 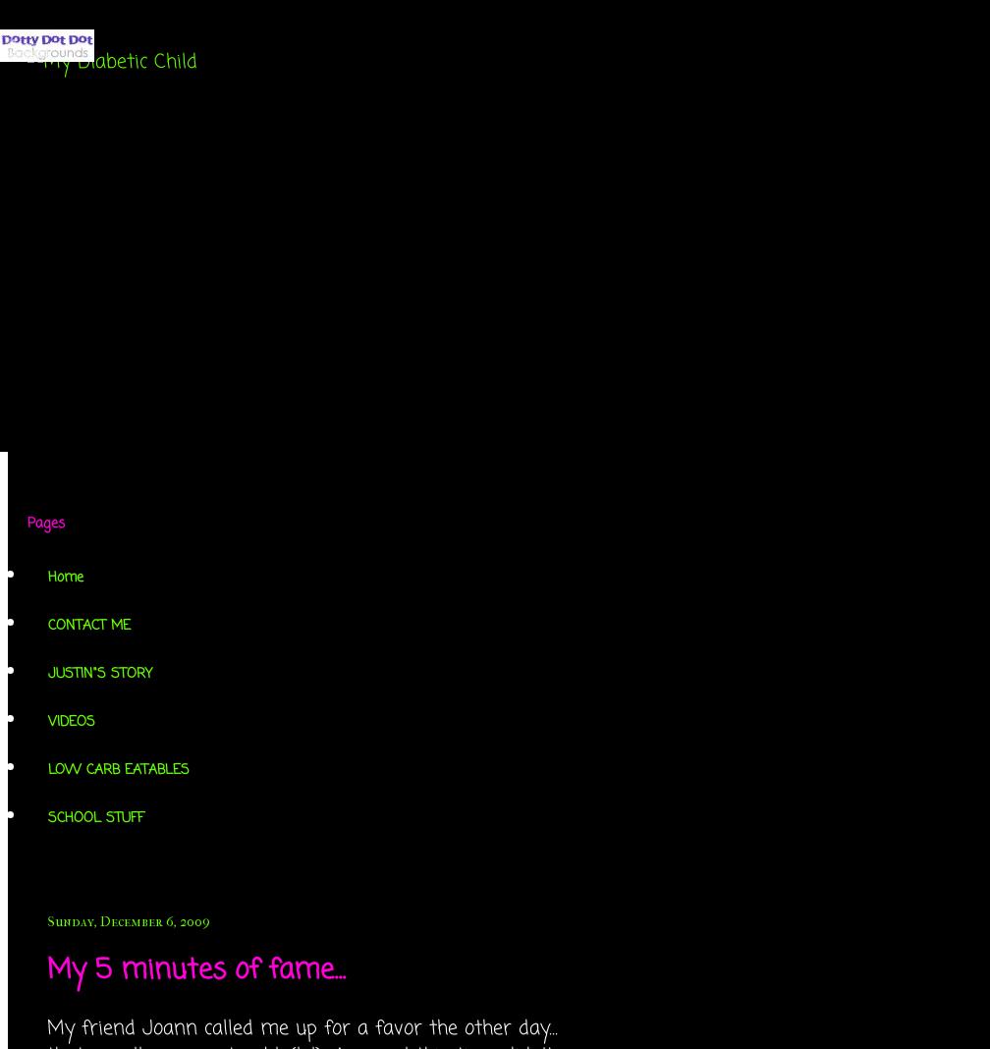 I want to click on 'JUSTIN"S STORY', so click(x=100, y=674).